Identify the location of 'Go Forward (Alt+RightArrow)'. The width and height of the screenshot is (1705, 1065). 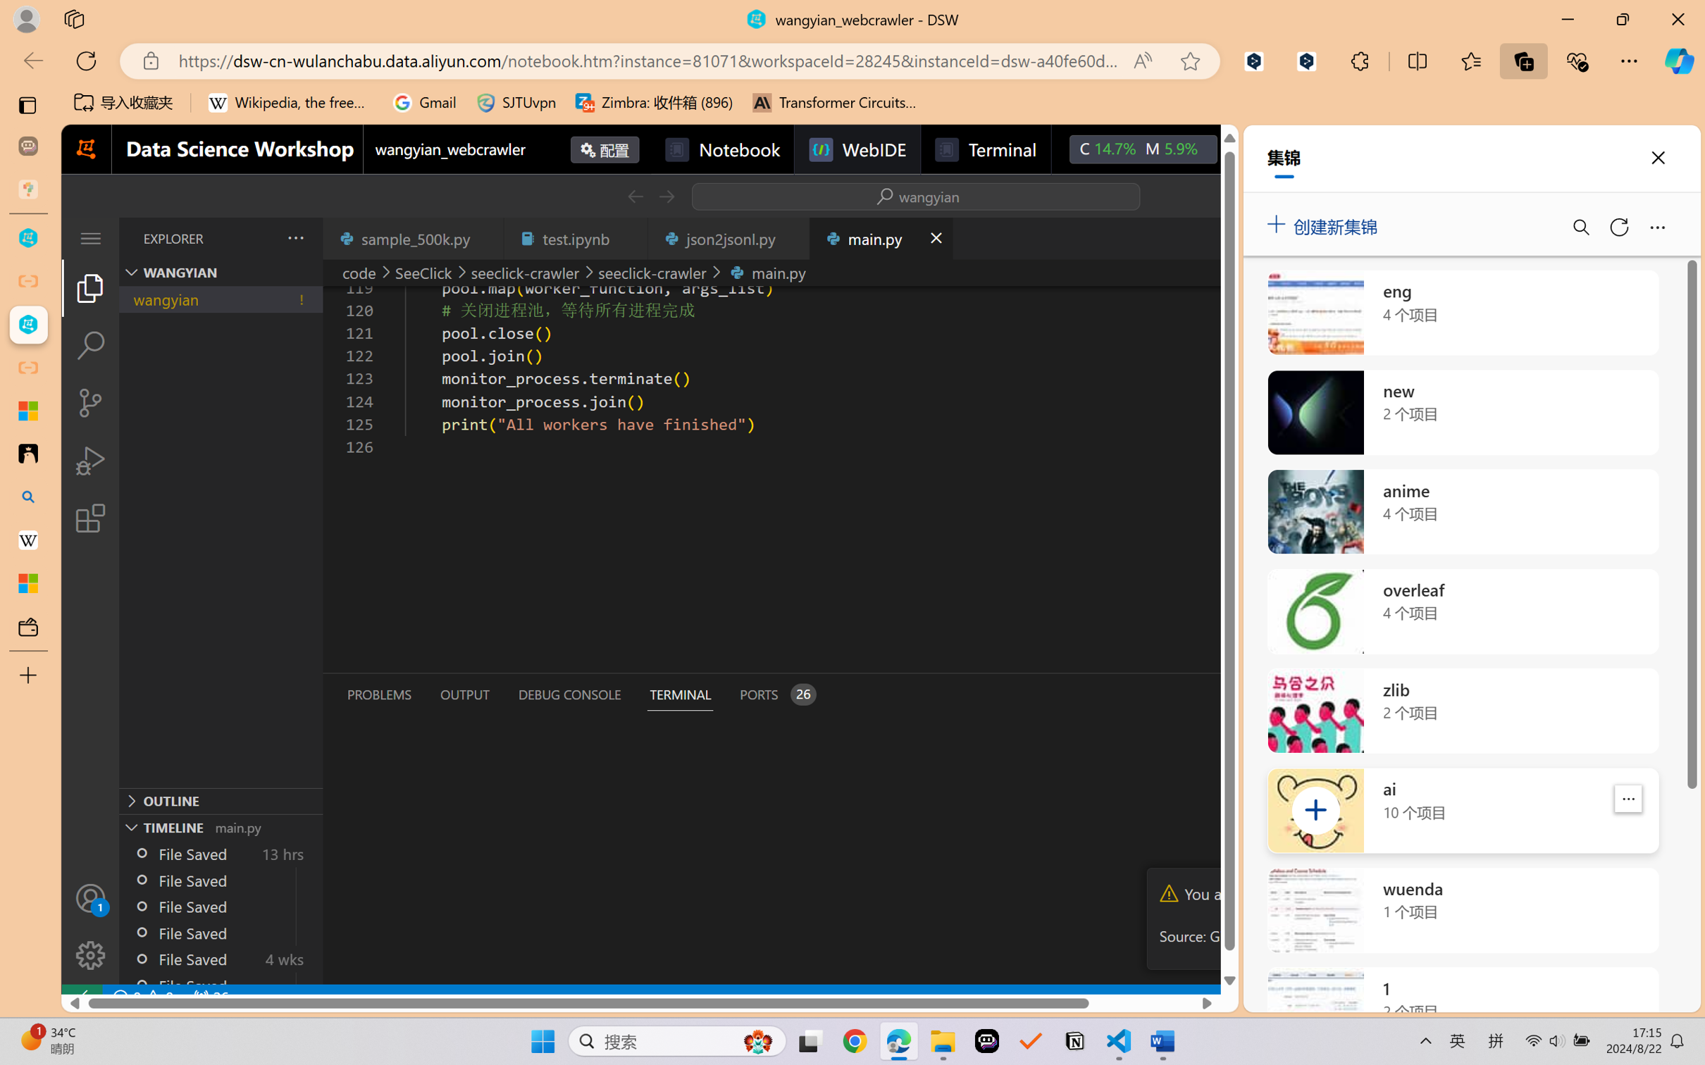
(665, 196).